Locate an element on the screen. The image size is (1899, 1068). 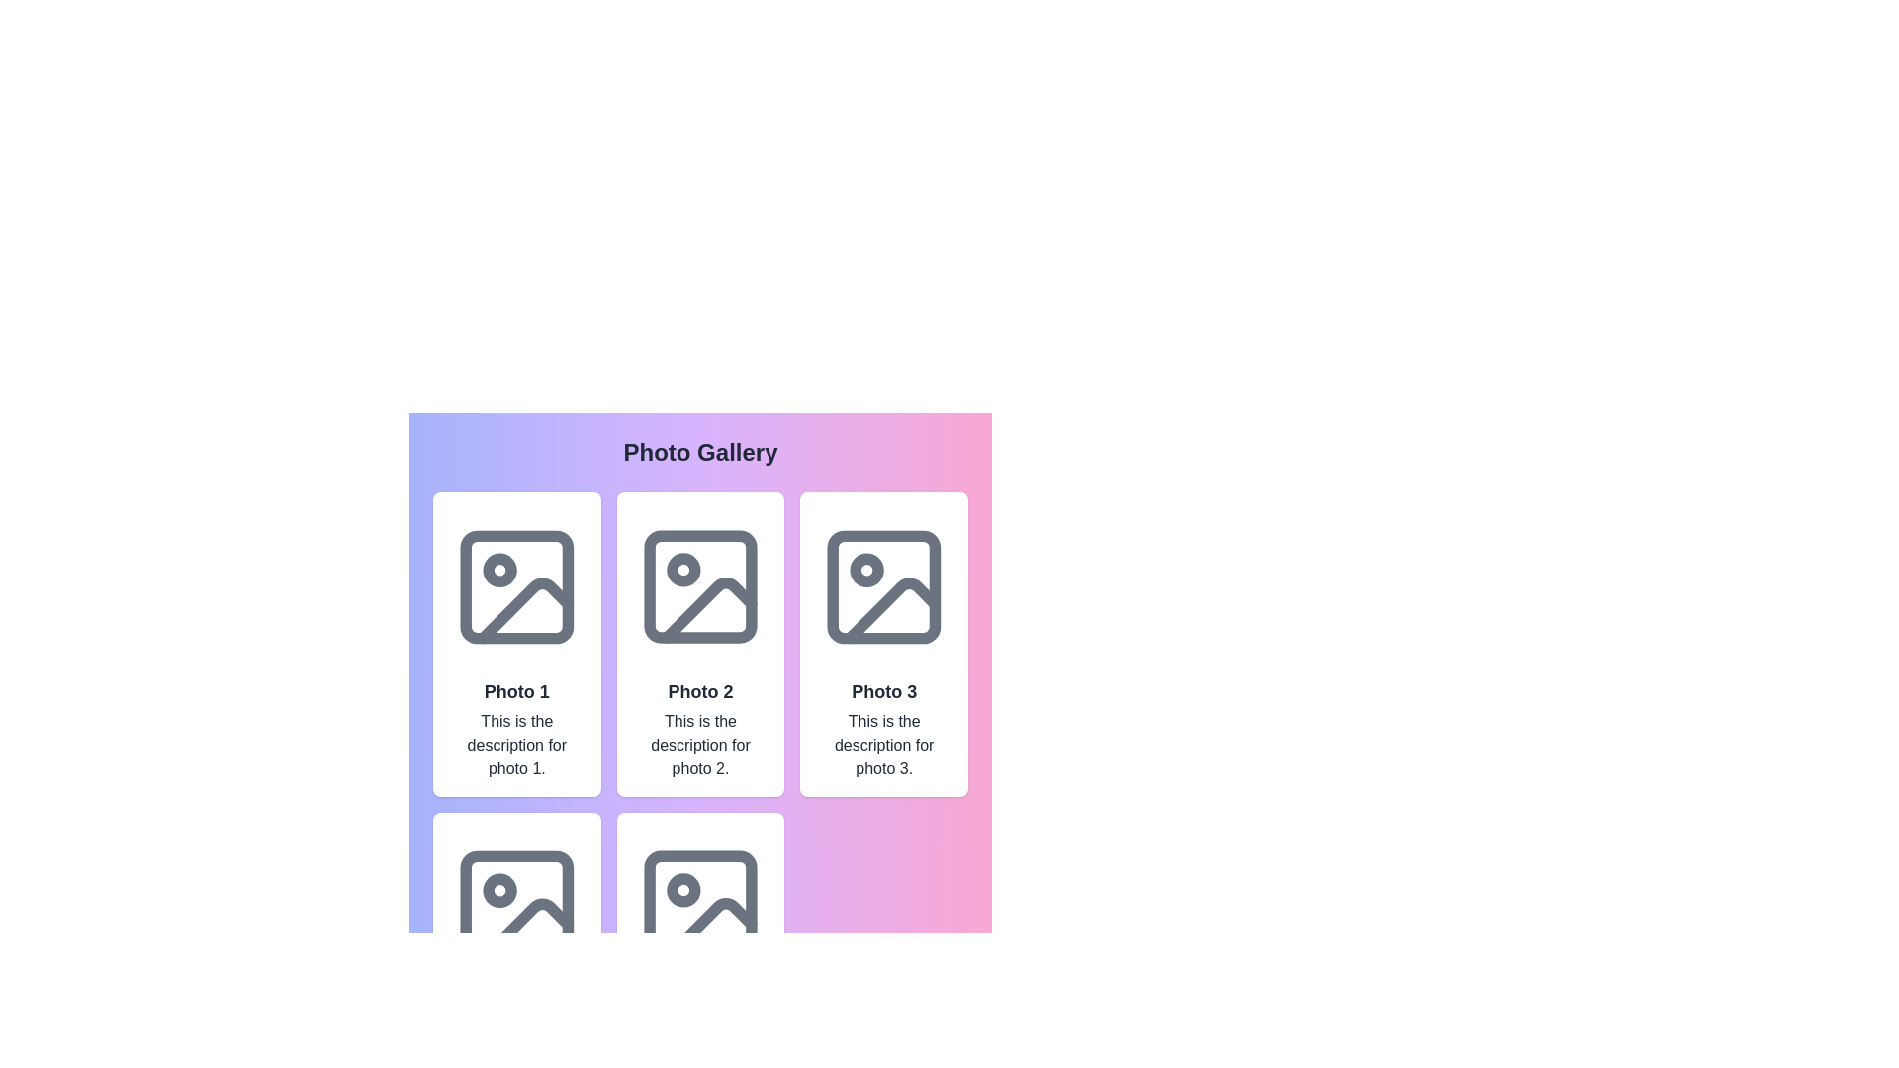
the Image Placeholder SVG element located at the top-center of the 'Photo 4' card in the fourth row and first column of the photo gallery display is located at coordinates (516, 908).